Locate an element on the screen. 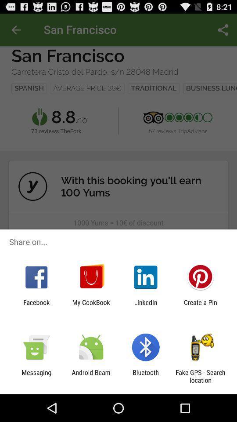 Image resolution: width=237 pixels, height=422 pixels. icon to the left of bluetooth item is located at coordinates (90, 376).